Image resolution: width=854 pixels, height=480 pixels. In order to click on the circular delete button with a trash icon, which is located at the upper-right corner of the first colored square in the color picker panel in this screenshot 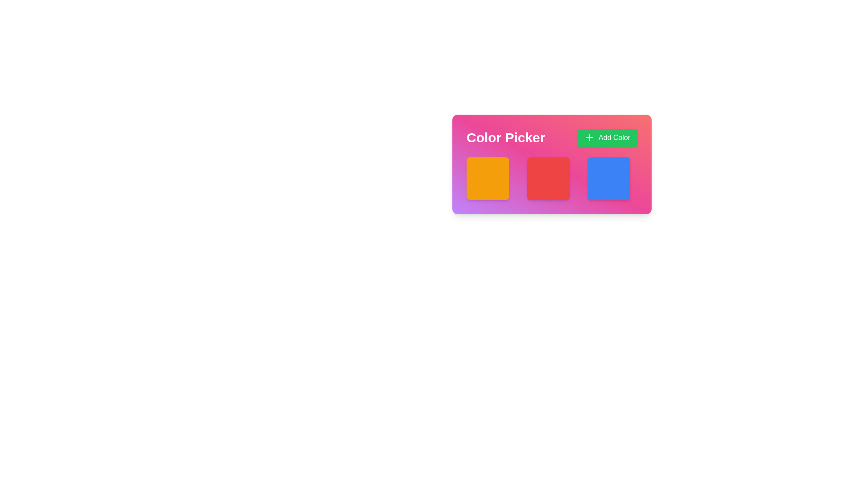, I will do `click(508, 165)`.